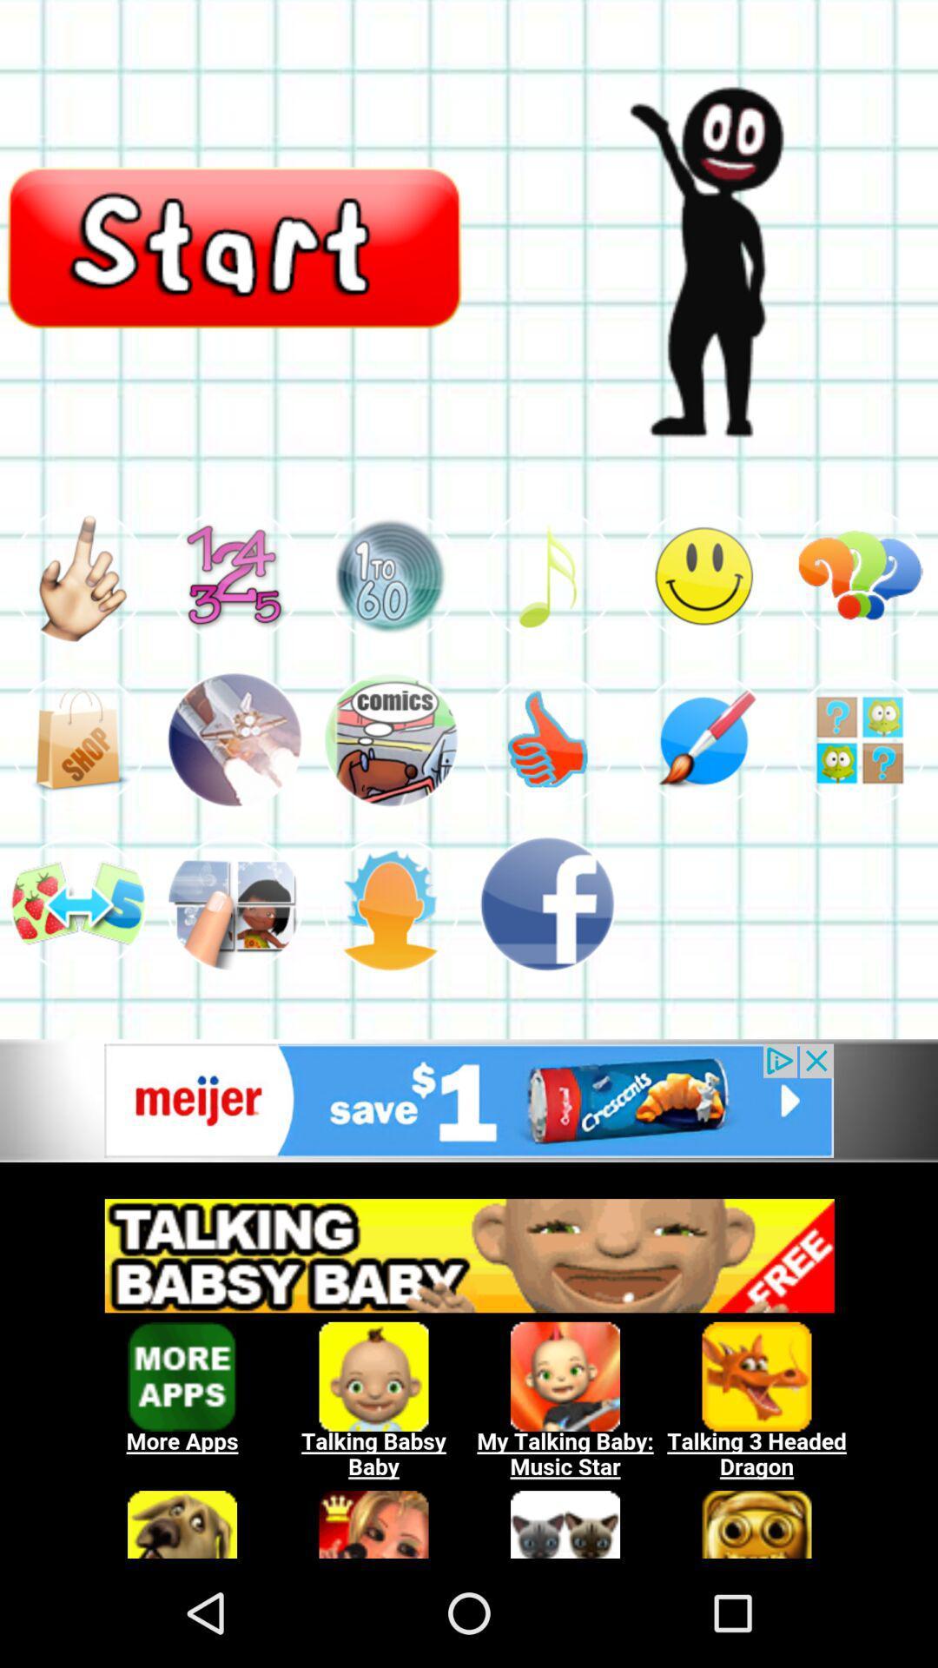 The image size is (938, 1668). I want to click on 1 at meijer crescent rolls, so click(469, 1100).